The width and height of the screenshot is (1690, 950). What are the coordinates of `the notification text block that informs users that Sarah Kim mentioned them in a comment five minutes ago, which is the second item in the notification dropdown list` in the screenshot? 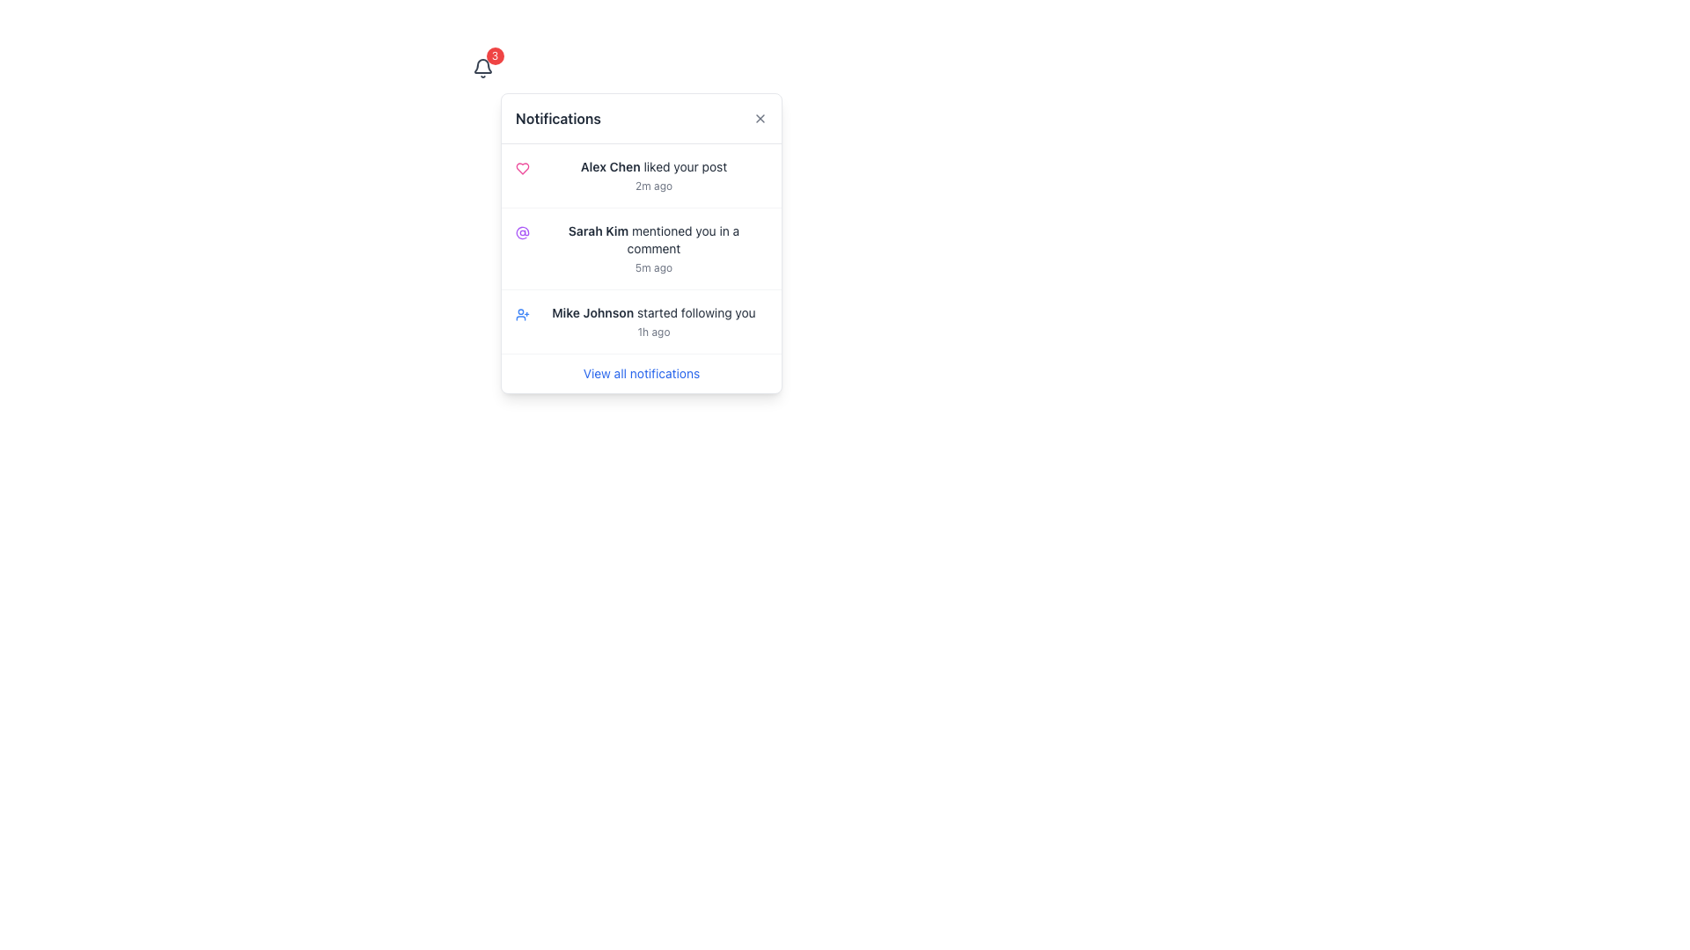 It's located at (653, 248).